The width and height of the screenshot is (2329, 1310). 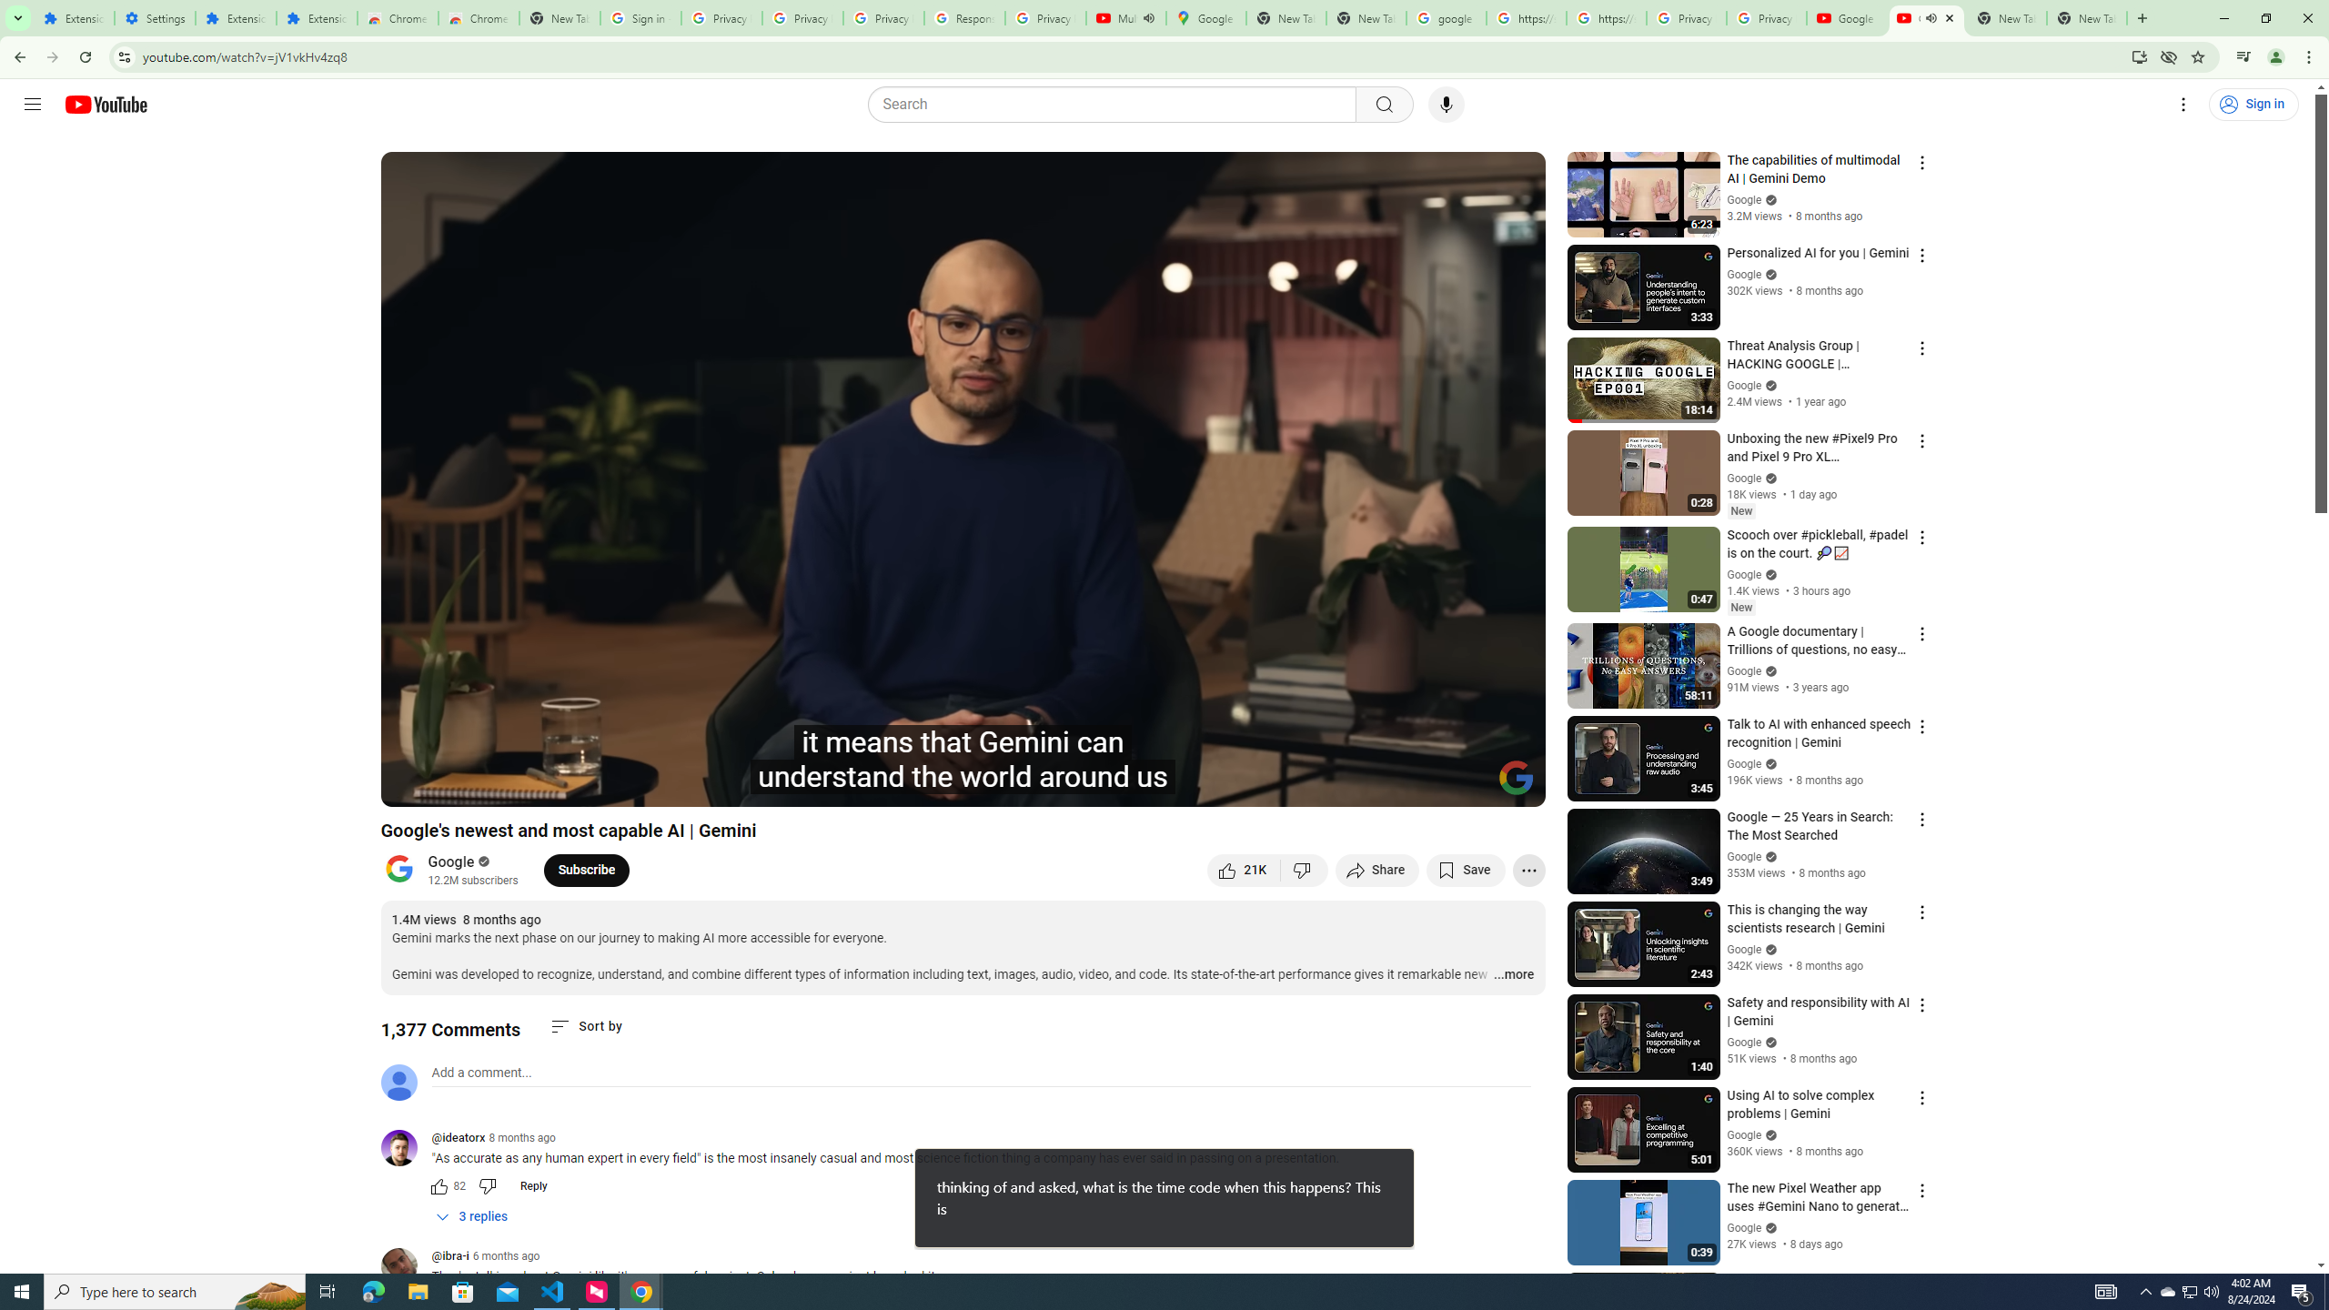 What do you see at coordinates (1739, 607) in the screenshot?
I see `'New'` at bounding box center [1739, 607].